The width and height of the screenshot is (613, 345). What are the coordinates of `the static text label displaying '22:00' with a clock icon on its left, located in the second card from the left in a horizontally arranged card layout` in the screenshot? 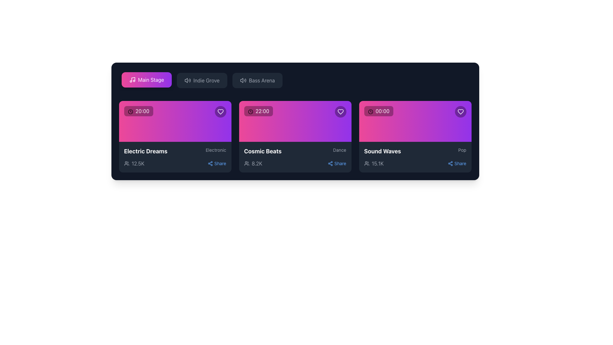 It's located at (262, 111).